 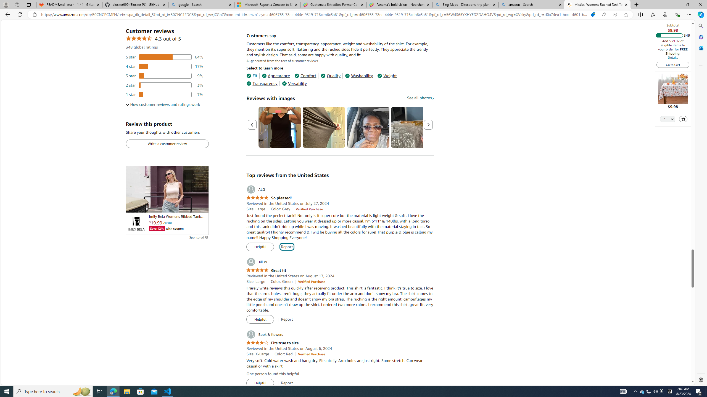 What do you see at coordinates (252, 124) in the screenshot?
I see `'Previous page'` at bounding box center [252, 124].